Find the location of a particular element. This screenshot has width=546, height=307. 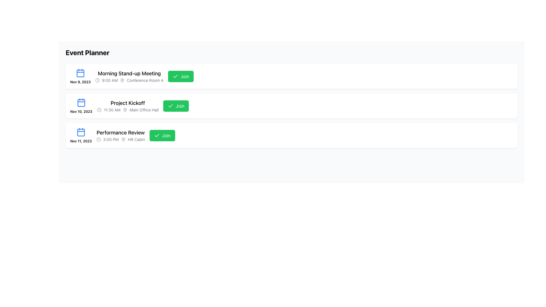

the clock icon located to the left of the '11:30 AM' text for the event 'Project Kickoff', which is positioned above 'Main Office Hall' is located at coordinates (99, 110).